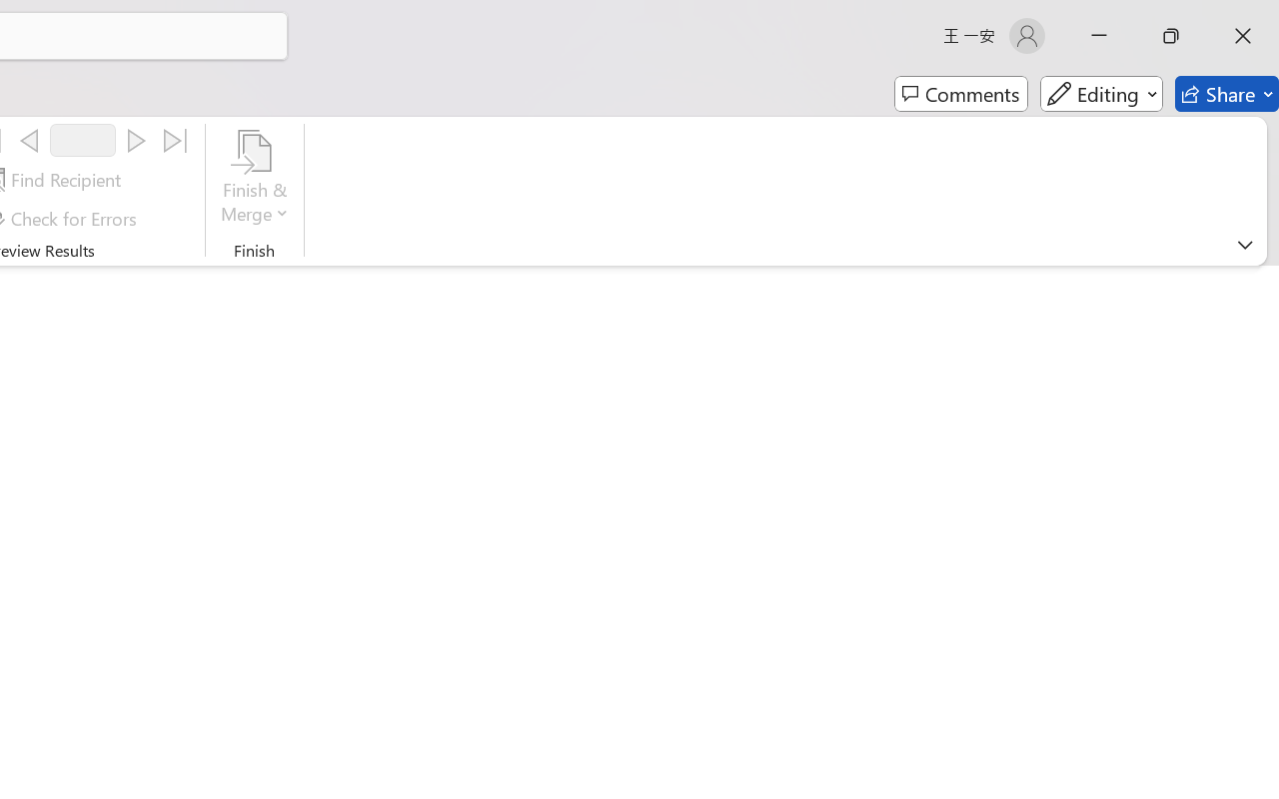 Image resolution: width=1279 pixels, height=799 pixels. What do you see at coordinates (960, 94) in the screenshot?
I see `'Comments'` at bounding box center [960, 94].